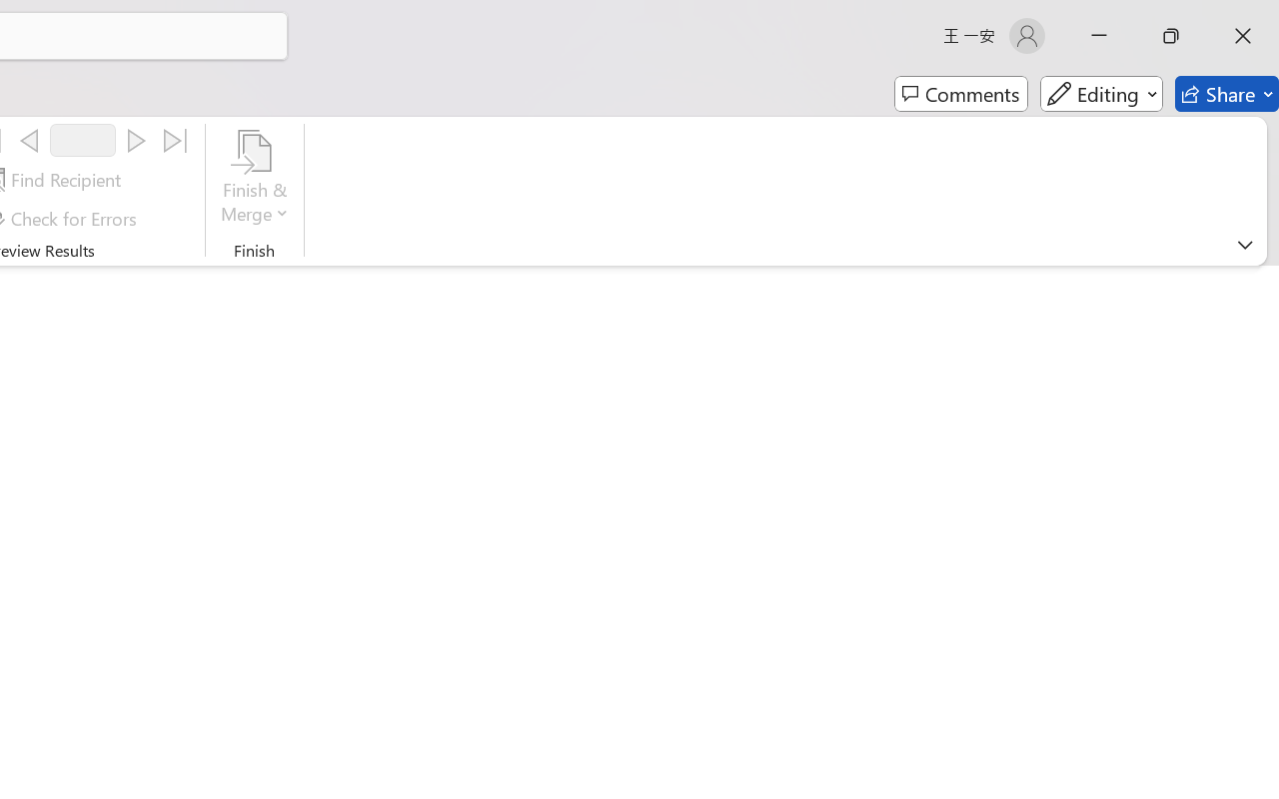 Image resolution: width=1279 pixels, height=799 pixels. What do you see at coordinates (960, 94) in the screenshot?
I see `'Comments'` at bounding box center [960, 94].